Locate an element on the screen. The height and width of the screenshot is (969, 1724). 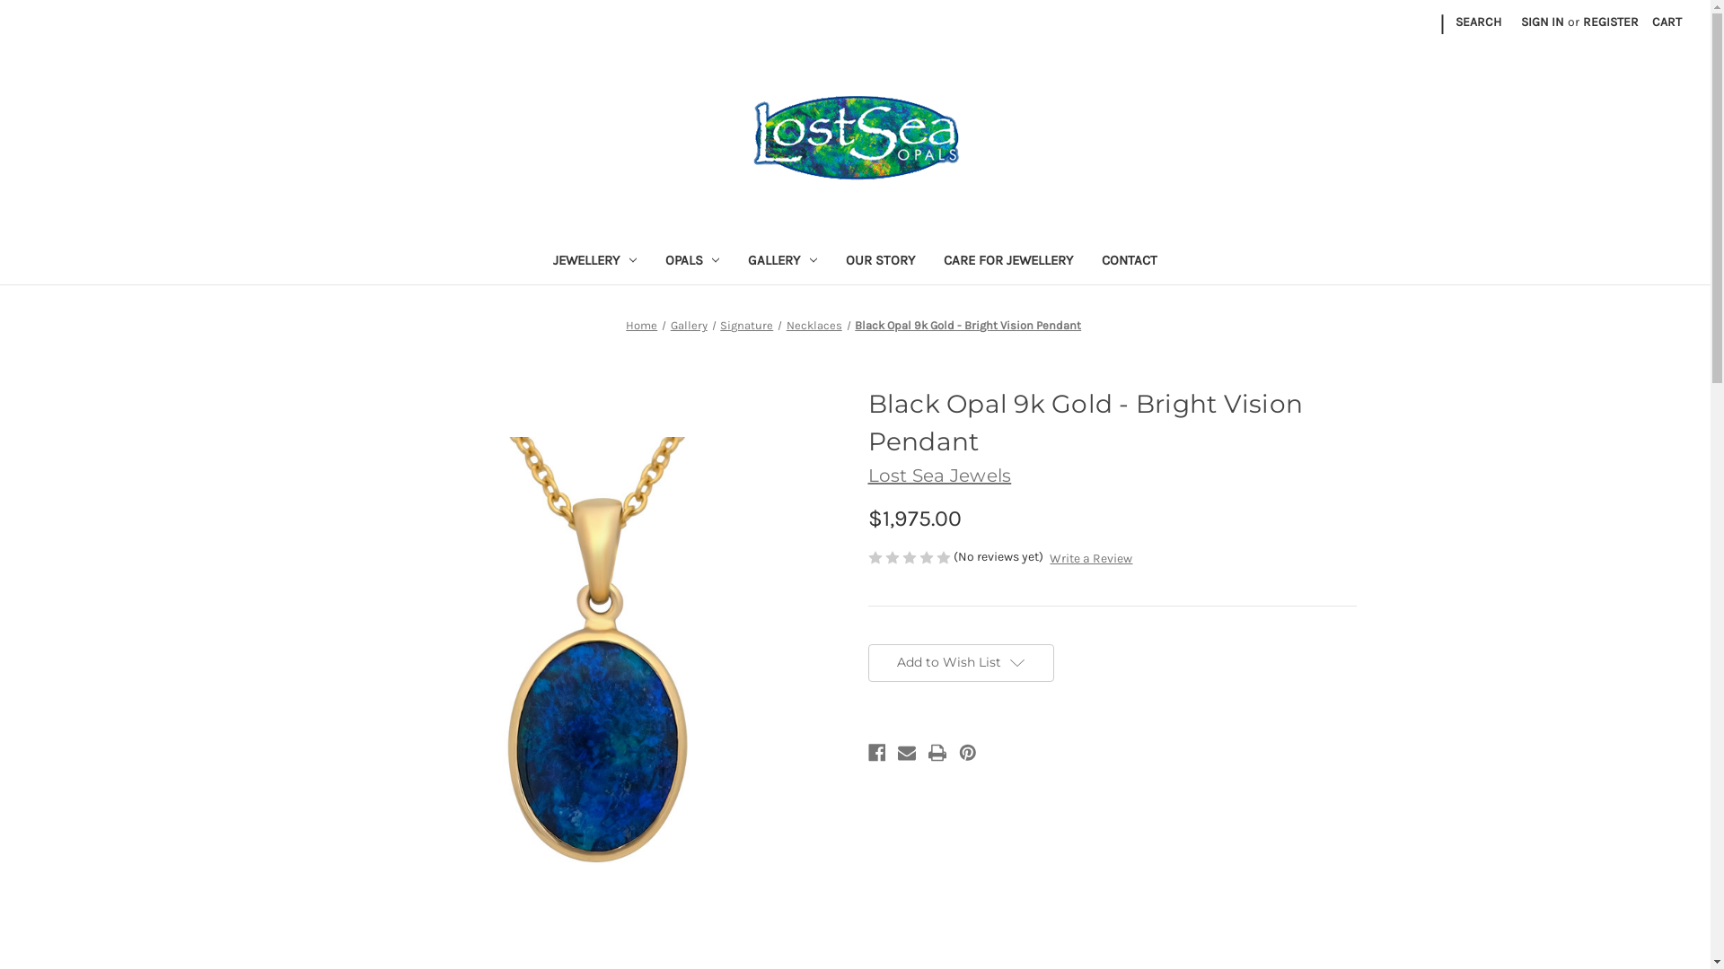
'Write a Review' is located at coordinates (1089, 557).